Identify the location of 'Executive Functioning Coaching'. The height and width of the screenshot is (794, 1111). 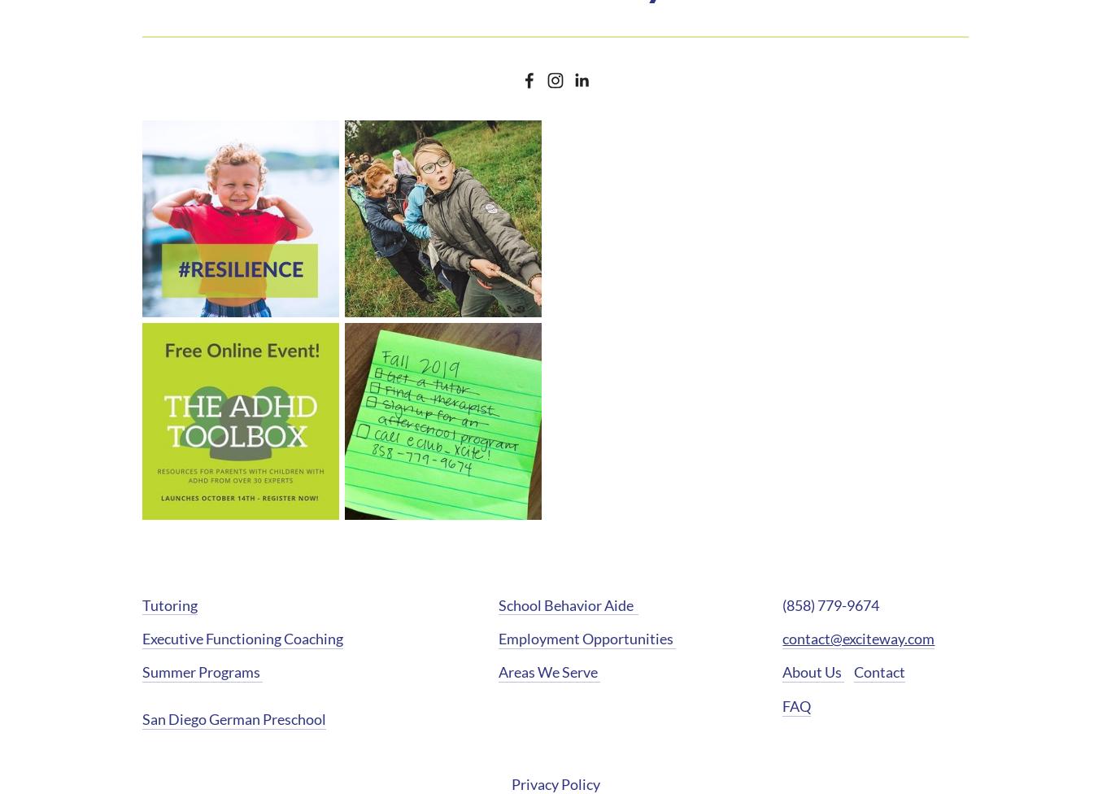
(242, 638).